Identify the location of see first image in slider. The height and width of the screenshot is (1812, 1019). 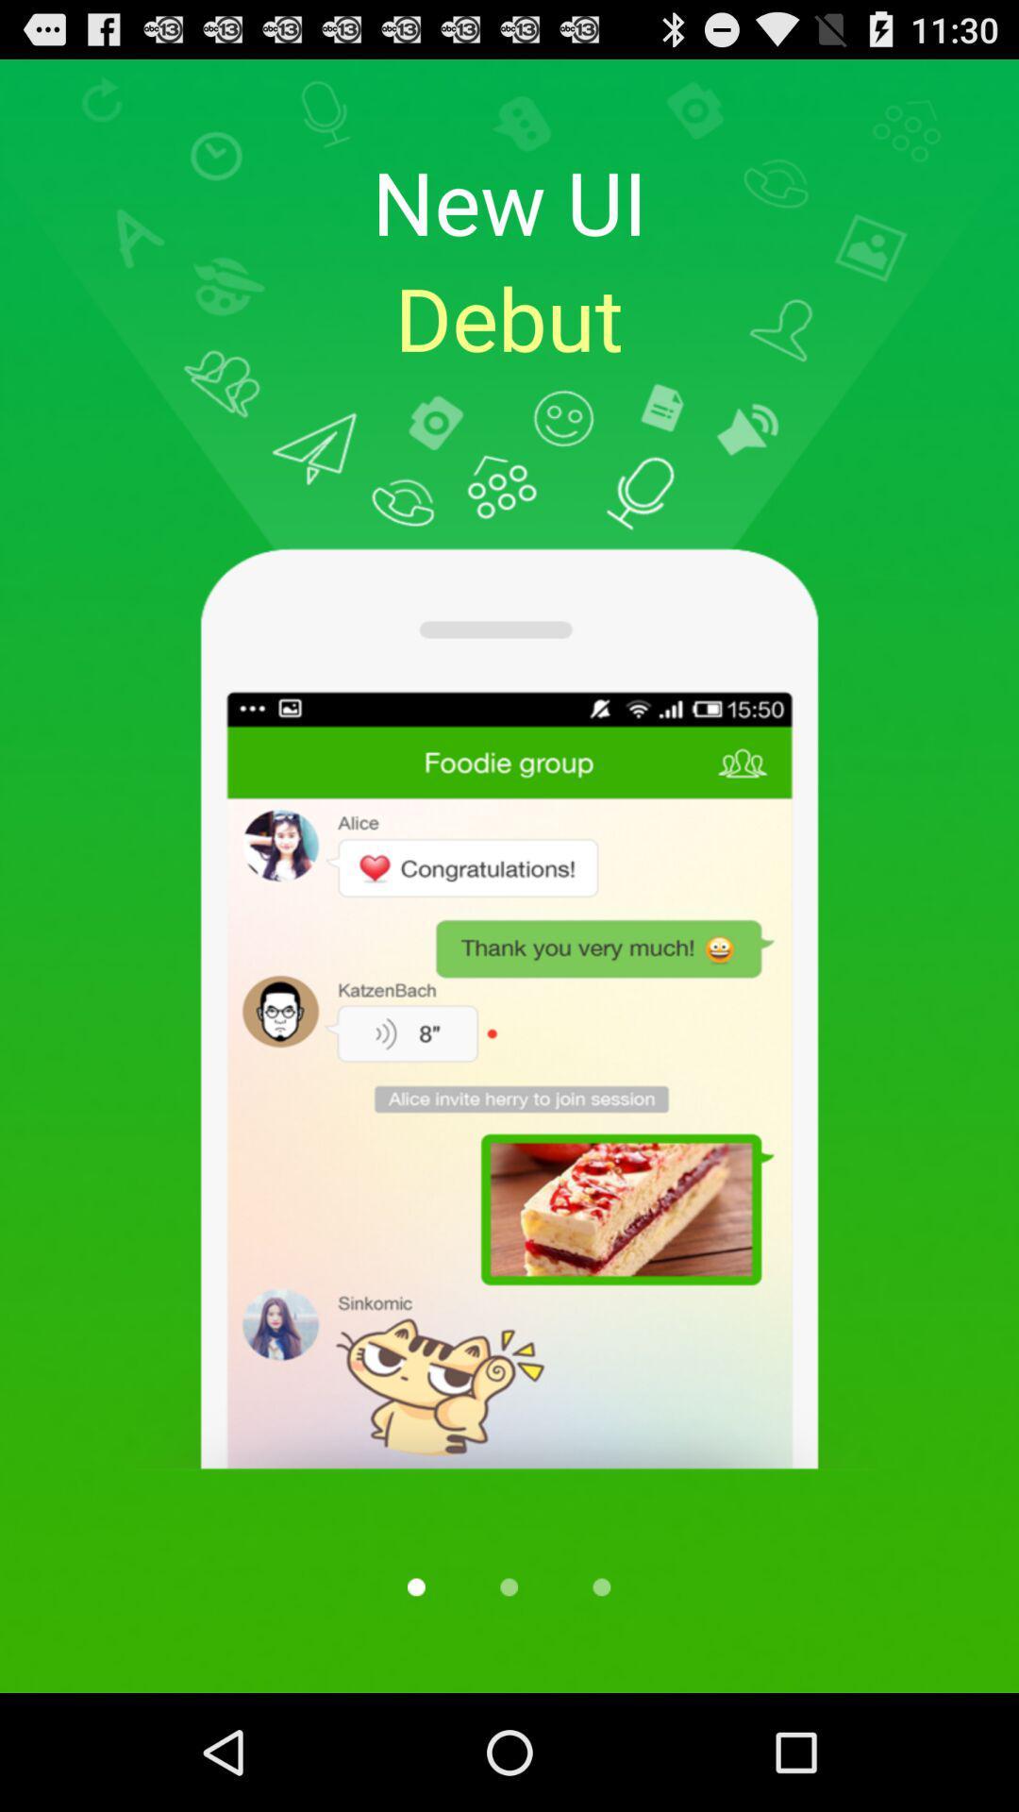
(415, 1585).